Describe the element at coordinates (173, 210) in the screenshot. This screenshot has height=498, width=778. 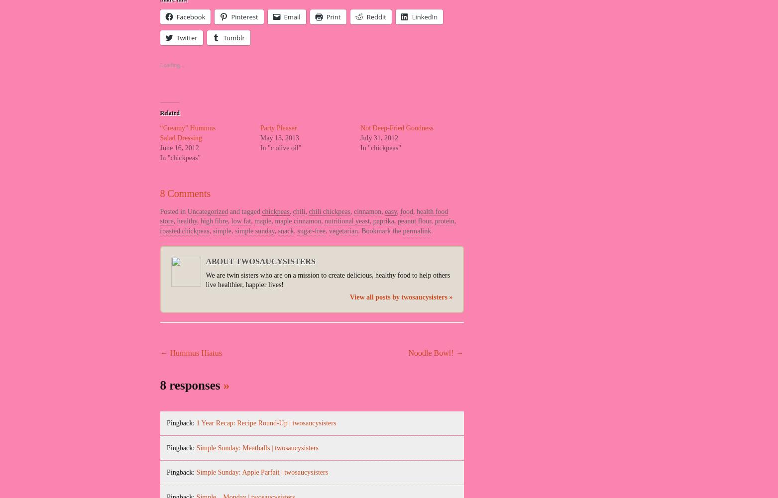
I see `'Posted in'` at that location.